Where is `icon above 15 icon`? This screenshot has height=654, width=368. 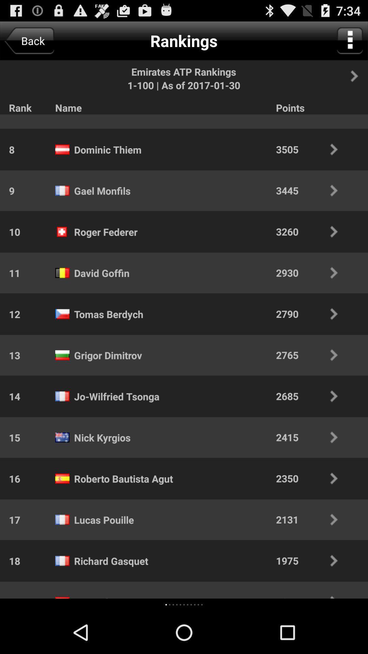
icon above 15 icon is located at coordinates (10, 396).